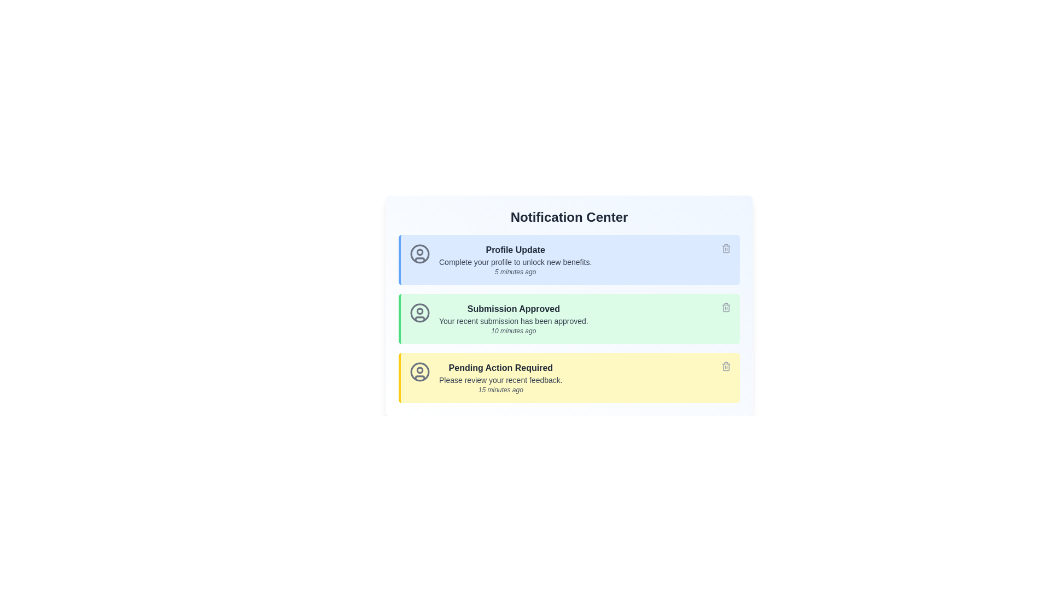 This screenshot has width=1050, height=590. What do you see at coordinates (726, 367) in the screenshot?
I see `the trash can icon located at the end of the 'Pending Action Required' notification card` at bounding box center [726, 367].